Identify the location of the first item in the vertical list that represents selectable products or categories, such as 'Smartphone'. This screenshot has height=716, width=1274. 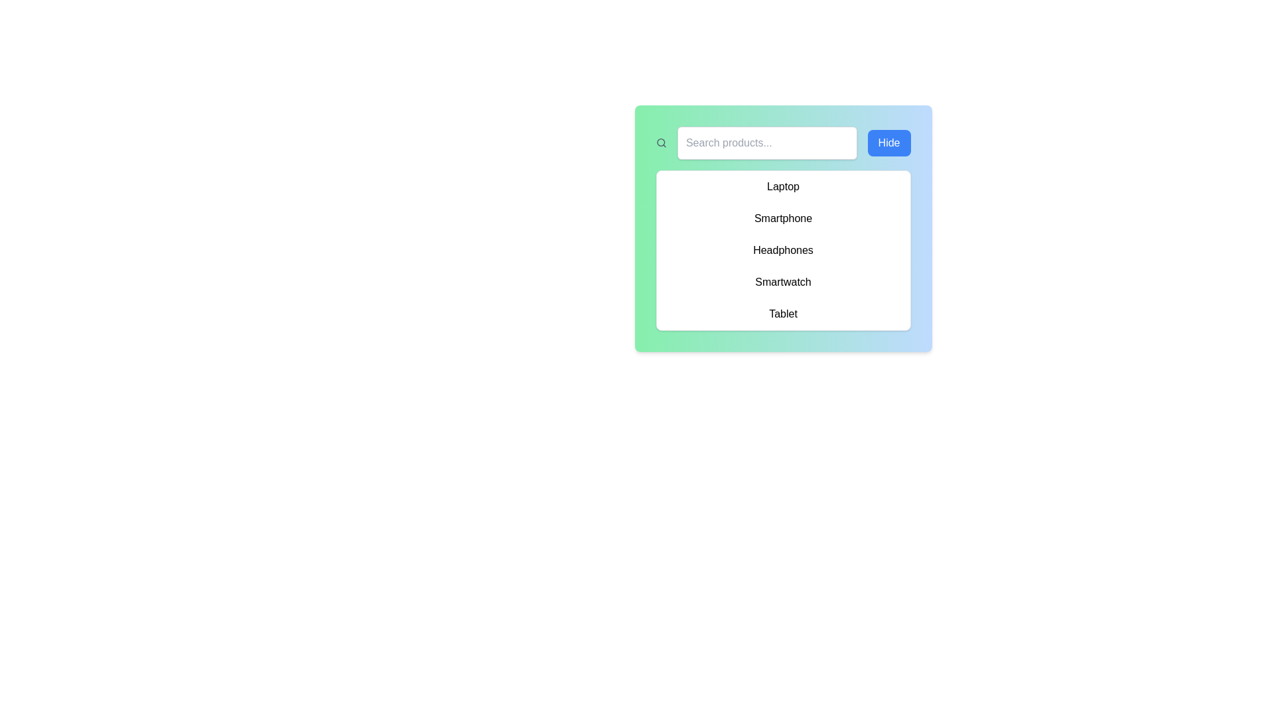
(783, 186).